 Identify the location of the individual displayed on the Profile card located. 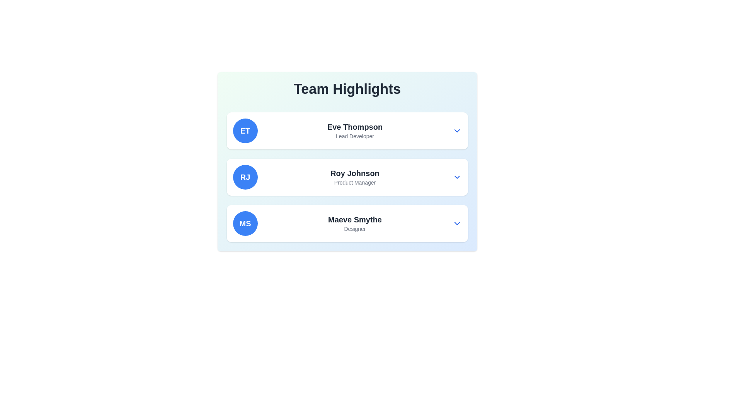
(347, 131).